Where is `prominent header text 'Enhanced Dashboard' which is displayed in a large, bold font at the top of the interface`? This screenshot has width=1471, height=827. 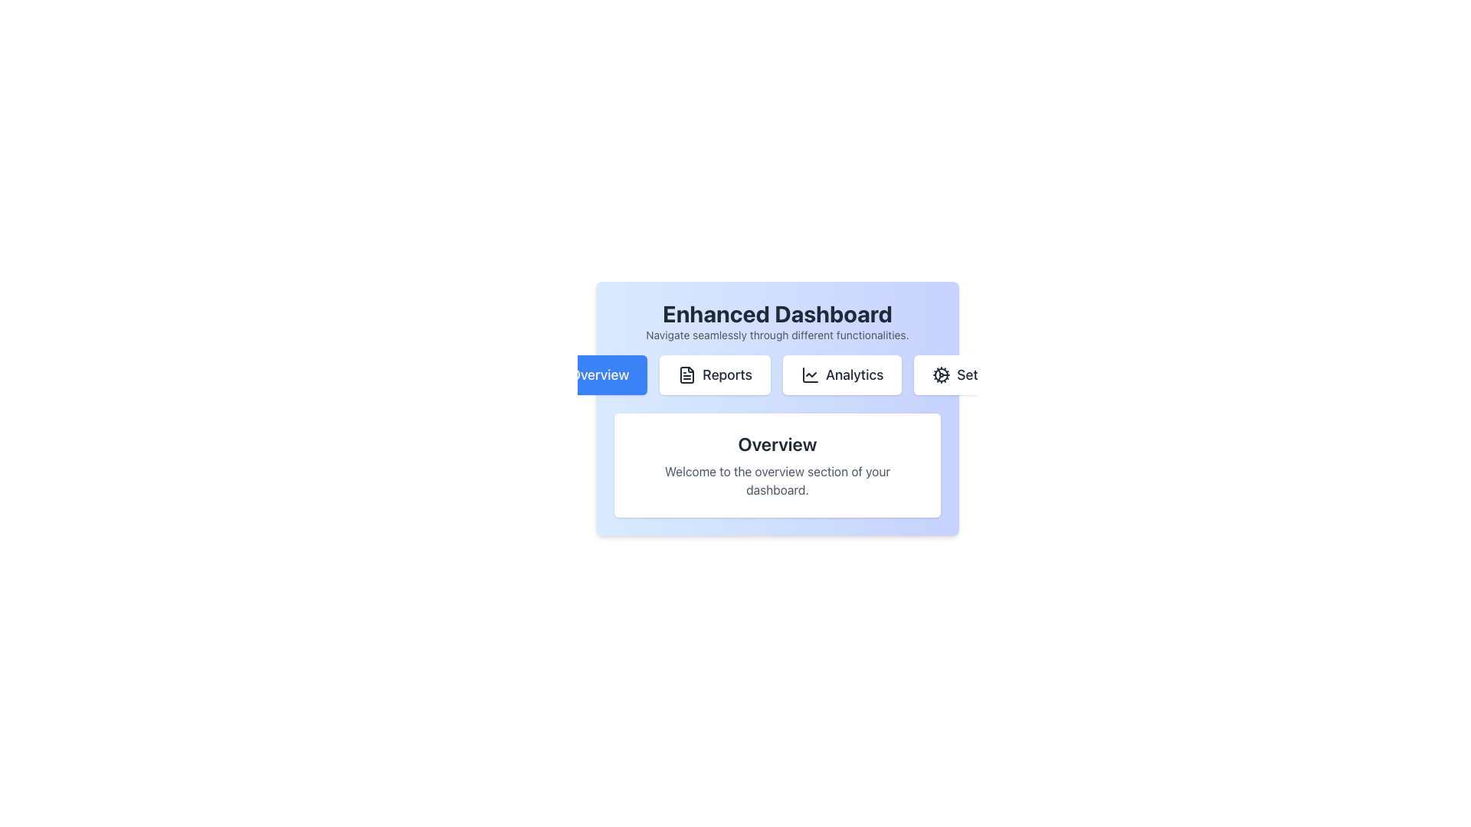
prominent header text 'Enhanced Dashboard' which is displayed in a large, bold font at the top of the interface is located at coordinates (777, 312).